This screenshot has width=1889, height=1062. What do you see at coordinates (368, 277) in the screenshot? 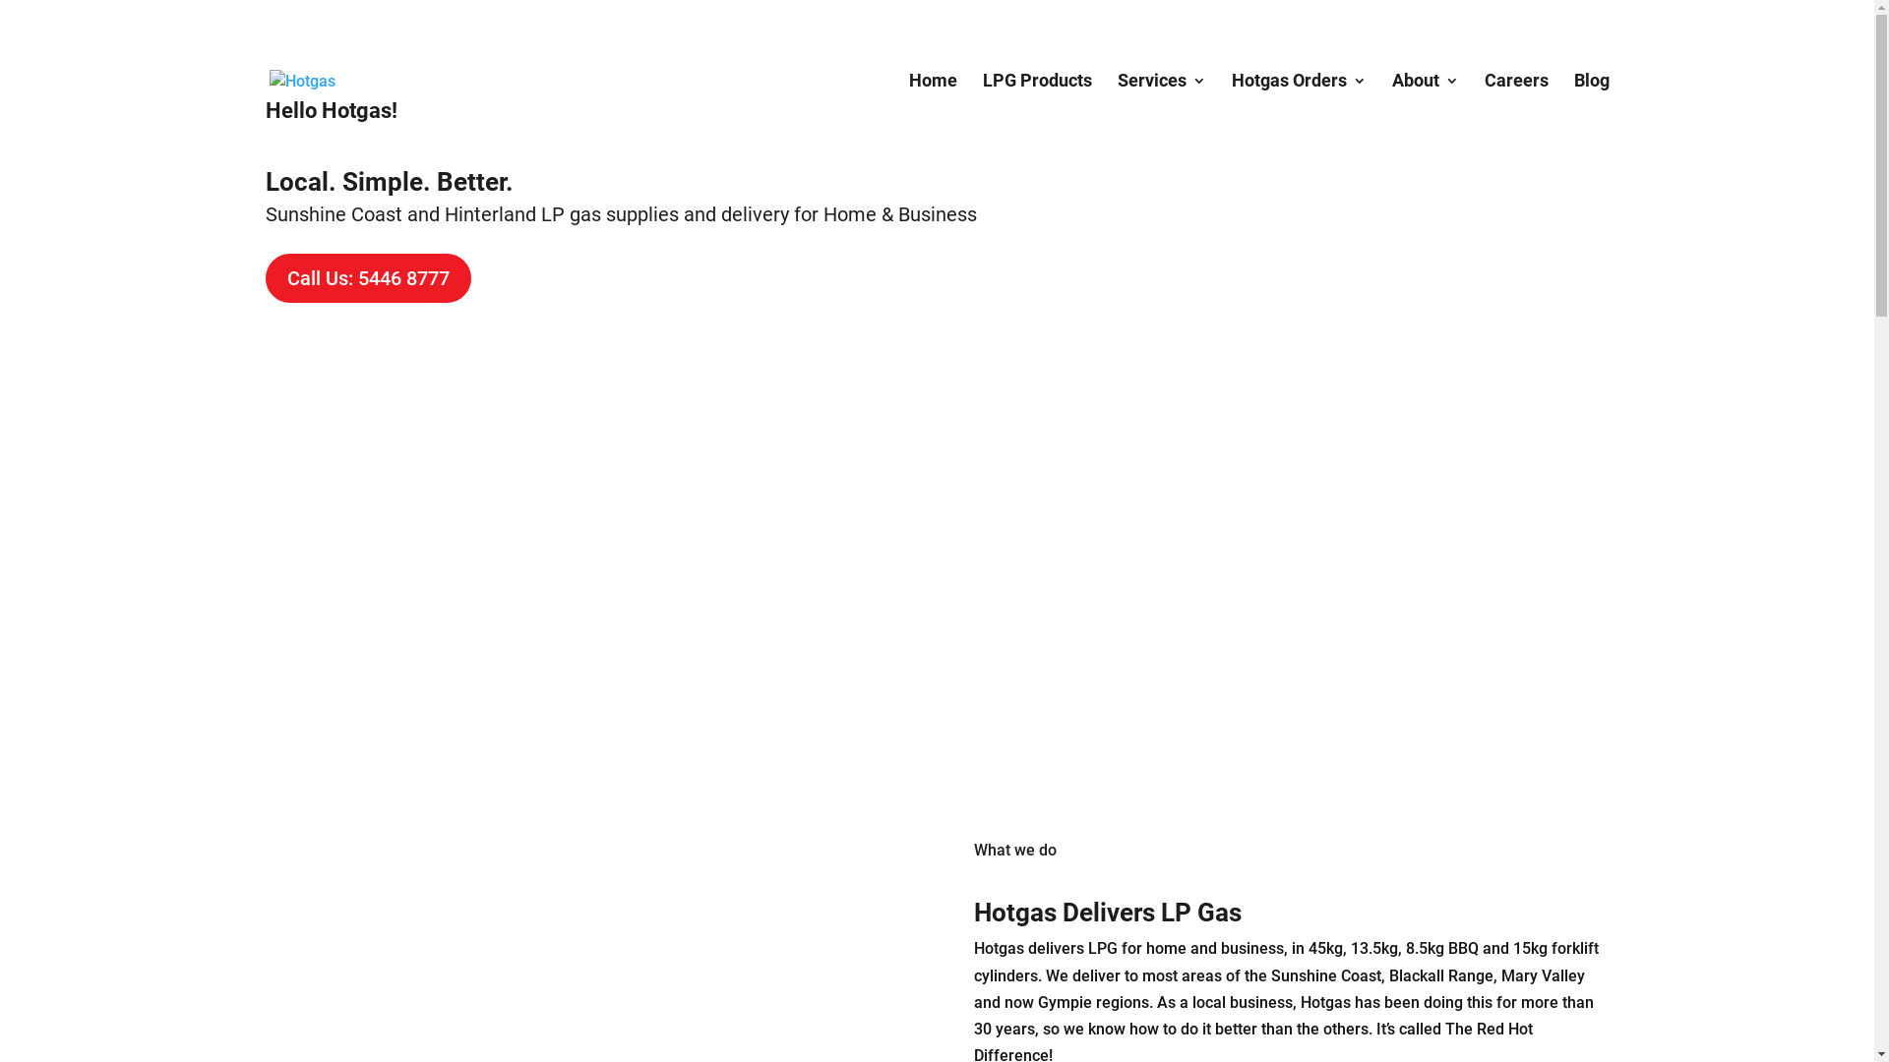
I see `'Call Us: 5446 8777'` at bounding box center [368, 277].